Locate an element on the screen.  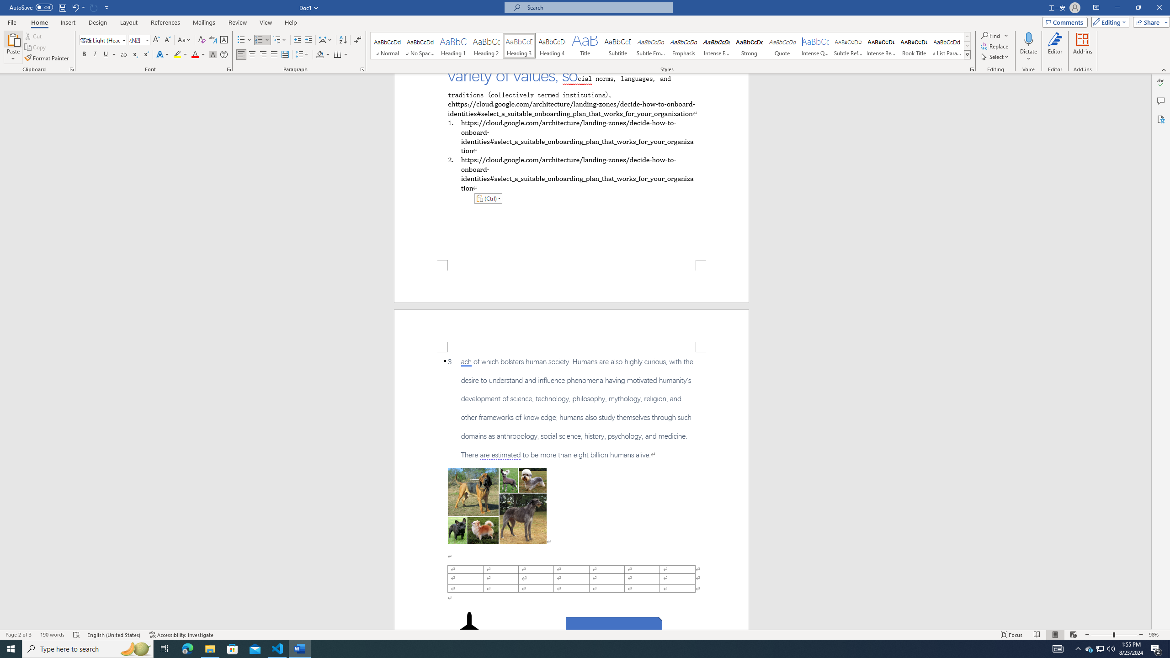
'Bold' is located at coordinates (84, 54).